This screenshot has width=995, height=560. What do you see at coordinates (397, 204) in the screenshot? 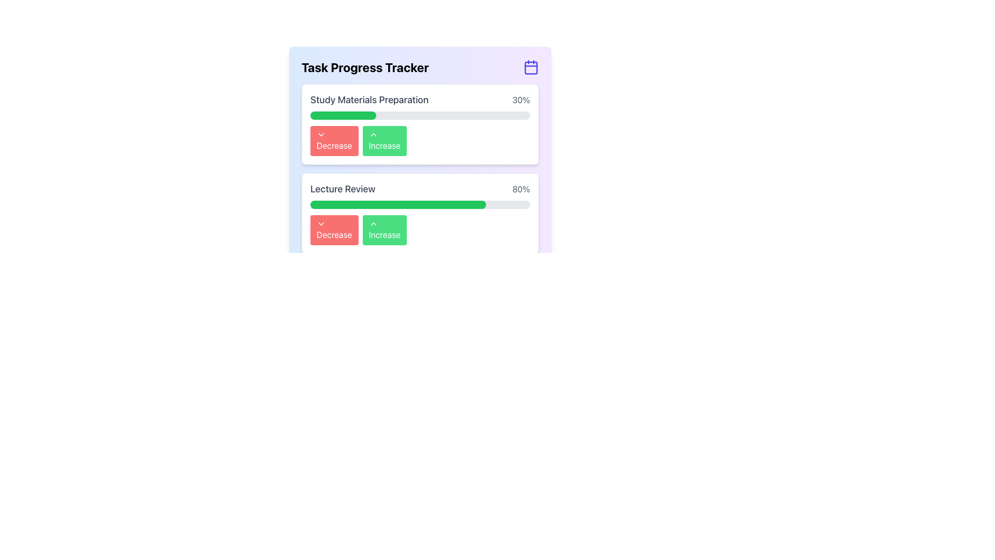
I see `the green progress indicator bar that fills approximately 80% of the light gray 'Lecture Review' progress bar` at bounding box center [397, 204].